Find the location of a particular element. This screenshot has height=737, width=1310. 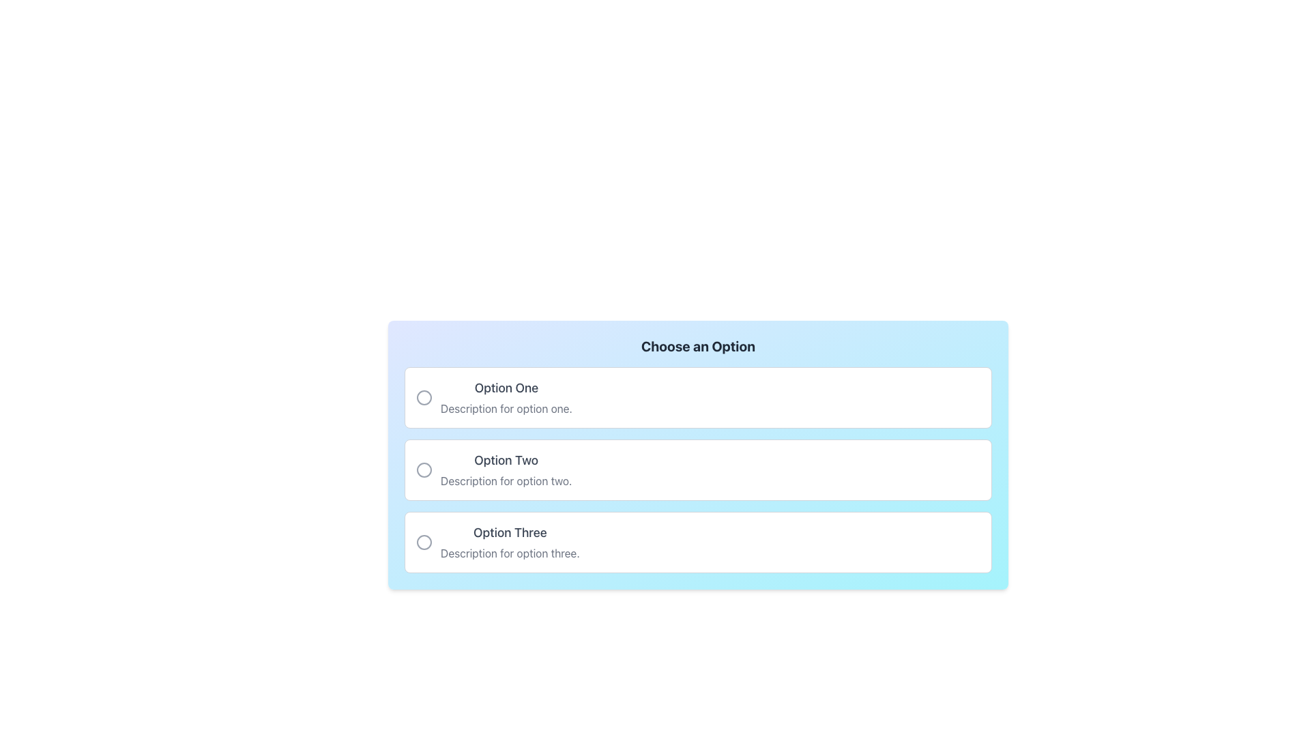

the radio button icon located on the far left side of the 'Option Three' row is located at coordinates (424, 541).